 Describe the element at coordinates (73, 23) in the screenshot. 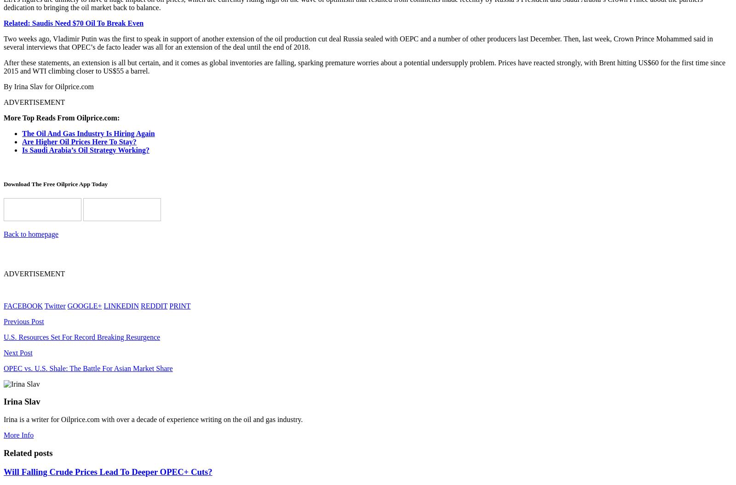

I see `'Related: Saudis Need $70 Oil To Break Even'` at that location.